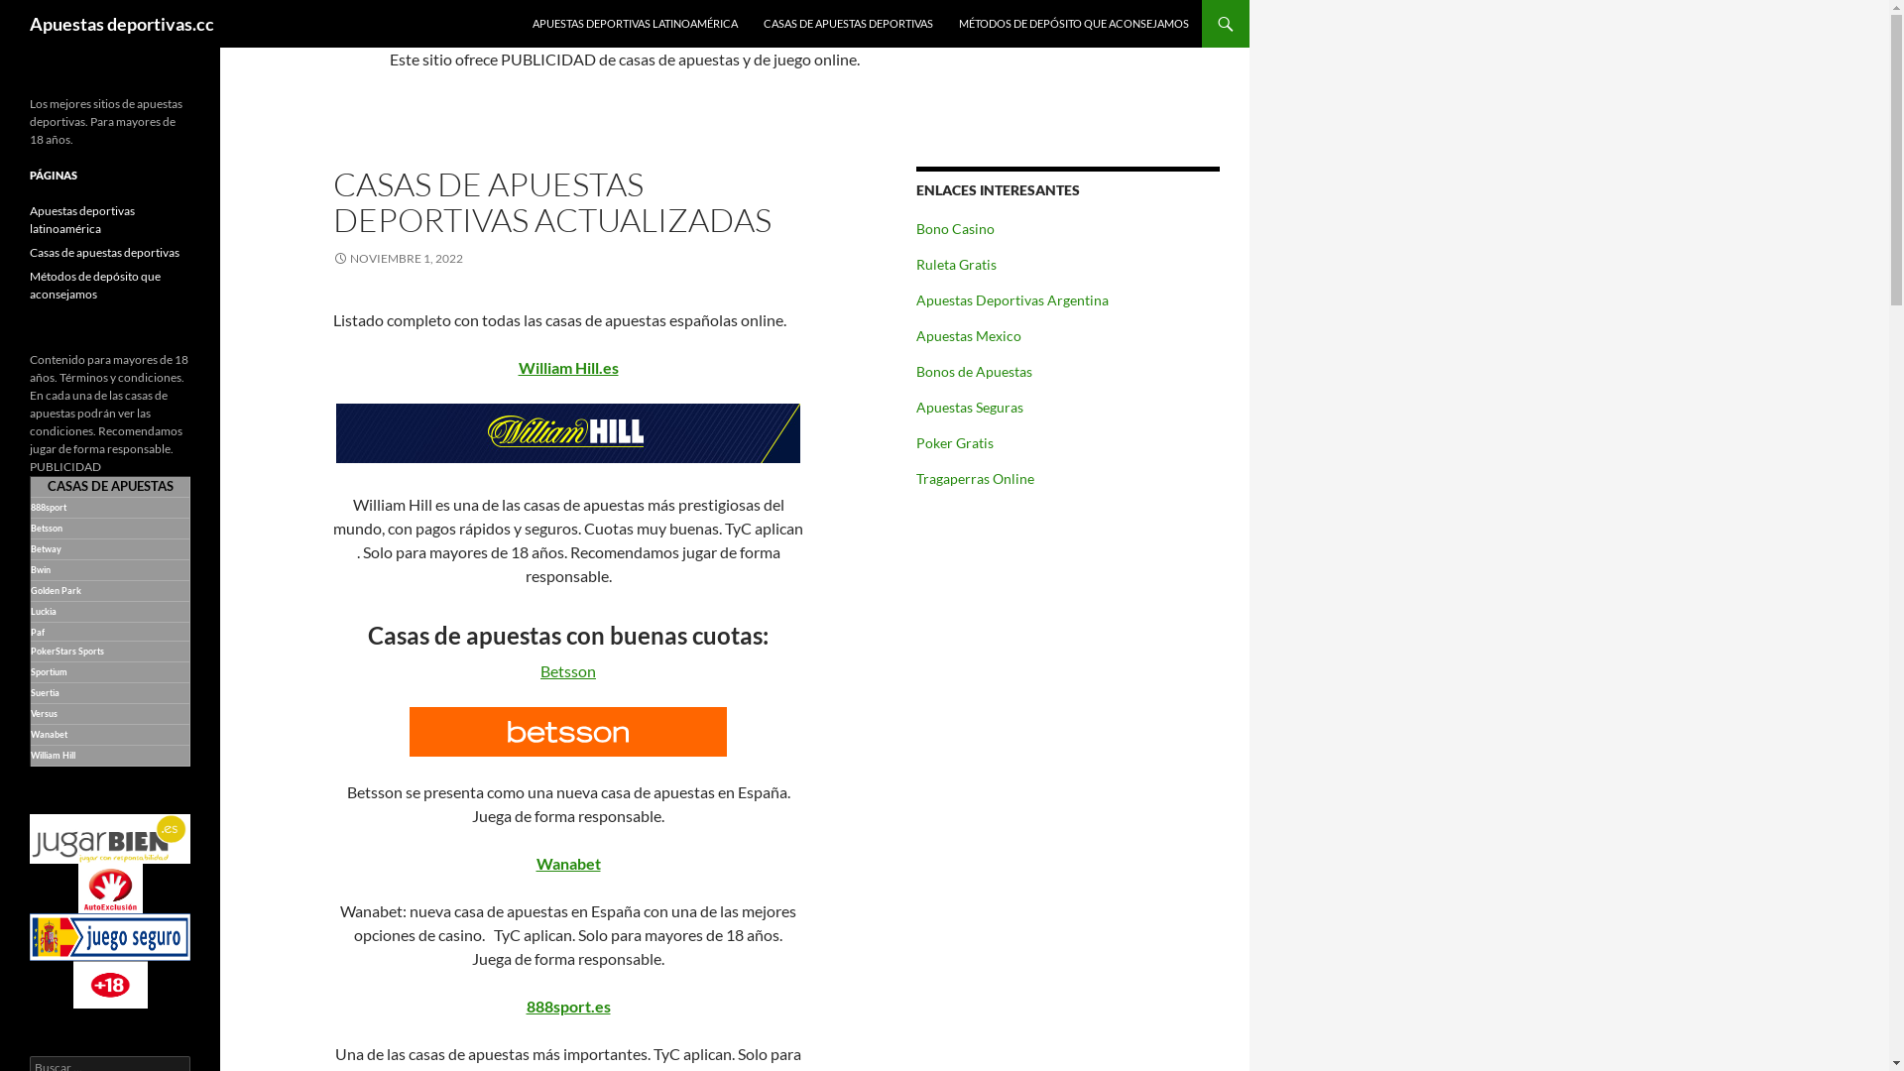  What do you see at coordinates (969, 334) in the screenshot?
I see `'Apuestas Mexico'` at bounding box center [969, 334].